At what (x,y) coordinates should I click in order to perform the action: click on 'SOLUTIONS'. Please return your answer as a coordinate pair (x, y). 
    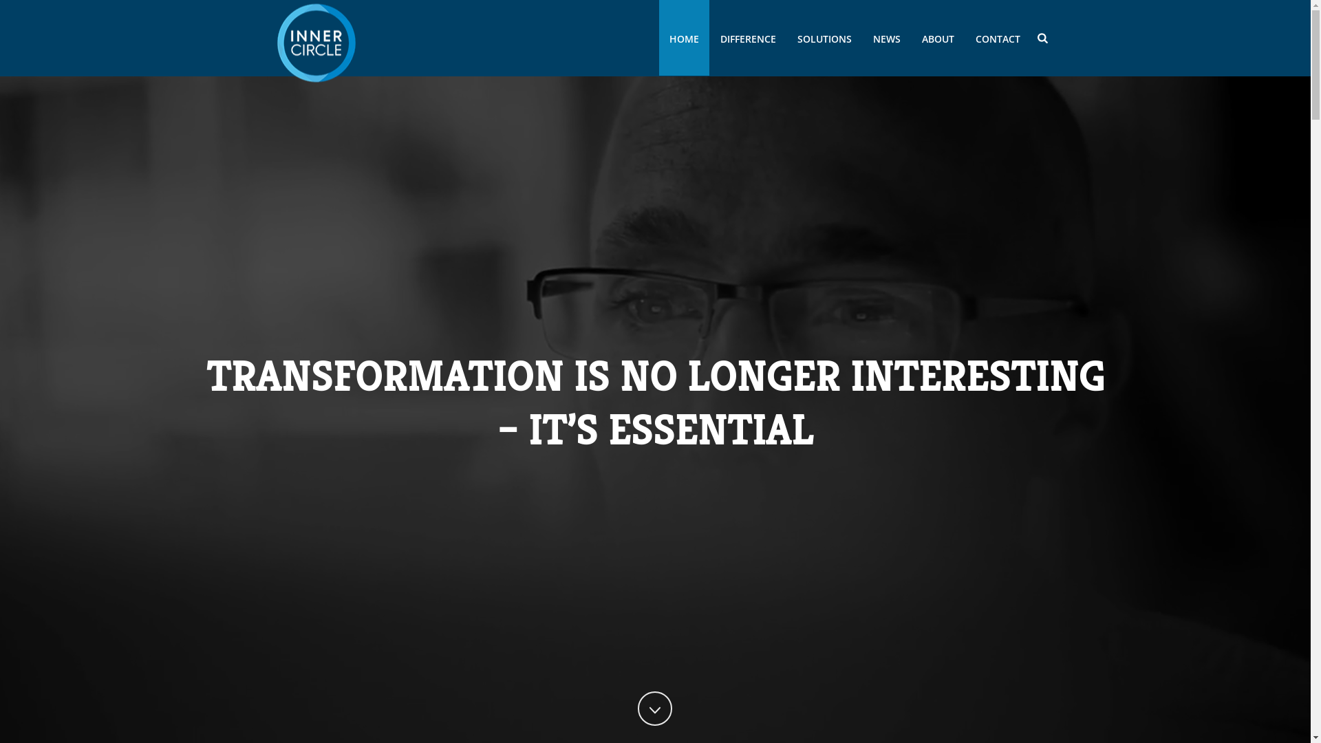
    Looking at the image, I should click on (824, 36).